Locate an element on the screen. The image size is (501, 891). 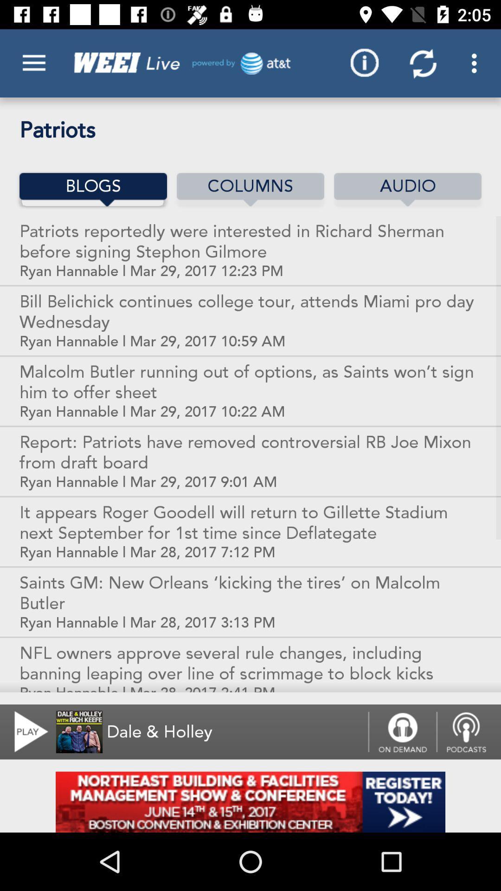
the location icon is located at coordinates (469, 731).